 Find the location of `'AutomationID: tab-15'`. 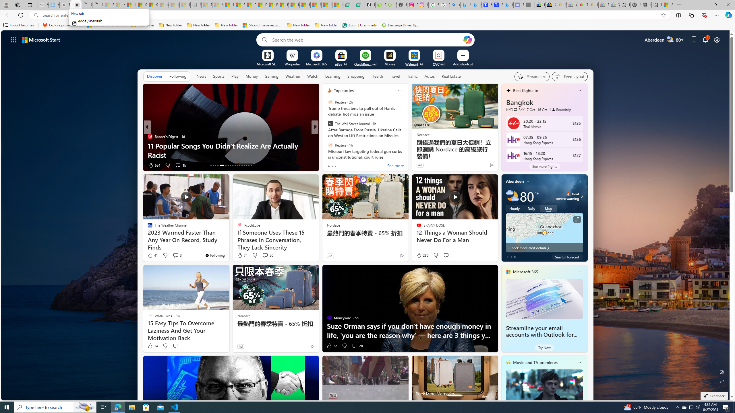

'AutomationID: tab-15' is located at coordinates (215, 165).